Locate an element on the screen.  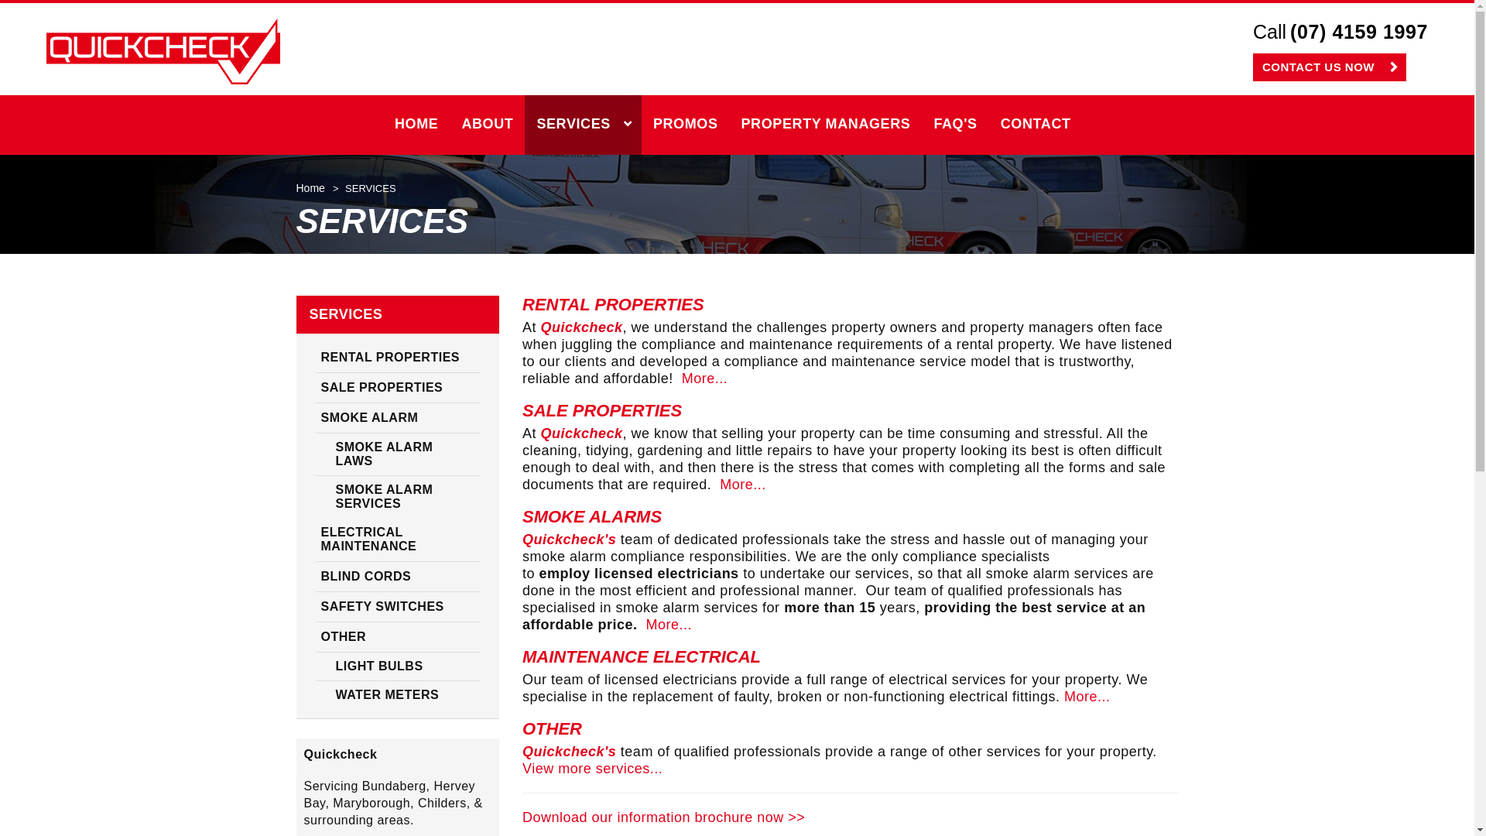
'ABOUT' is located at coordinates (486, 124).